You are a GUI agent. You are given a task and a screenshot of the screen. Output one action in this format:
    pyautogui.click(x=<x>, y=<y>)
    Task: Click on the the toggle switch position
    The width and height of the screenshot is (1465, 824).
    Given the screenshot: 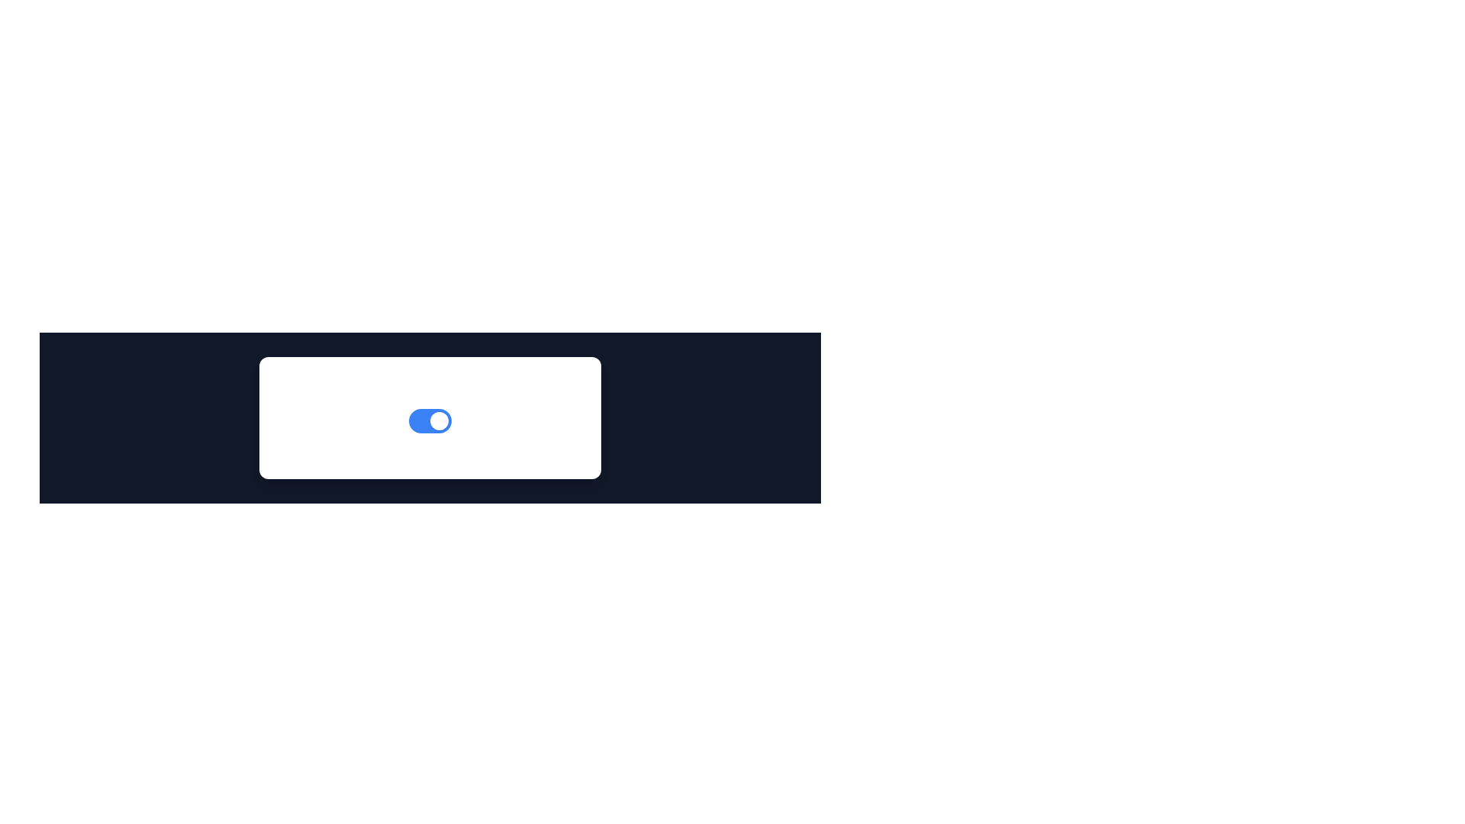 What is the action you would take?
    pyautogui.click(x=419, y=420)
    